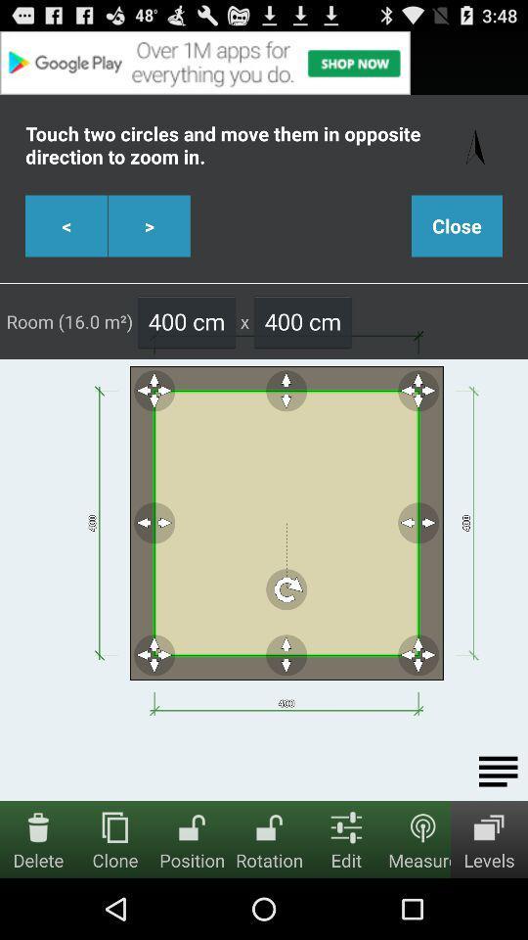  What do you see at coordinates (264, 63) in the screenshot?
I see `click on the advertisement` at bounding box center [264, 63].